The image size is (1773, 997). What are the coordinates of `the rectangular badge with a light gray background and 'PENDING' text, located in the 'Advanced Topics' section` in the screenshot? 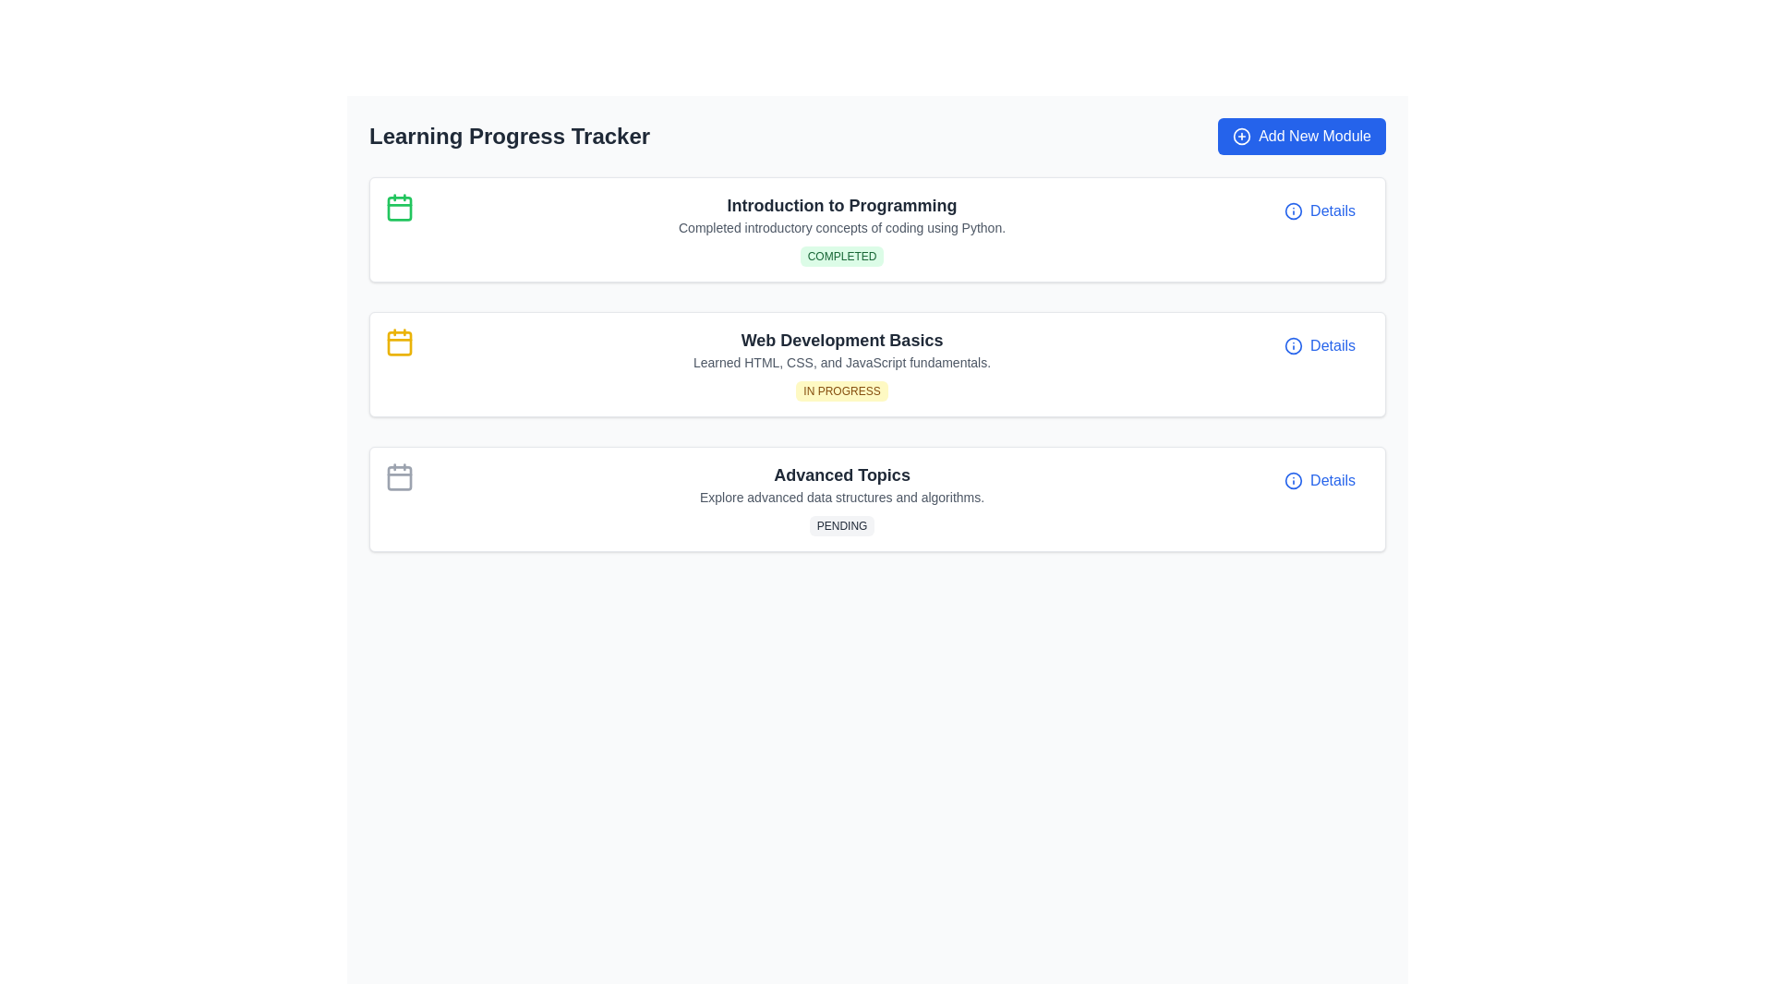 It's located at (841, 526).